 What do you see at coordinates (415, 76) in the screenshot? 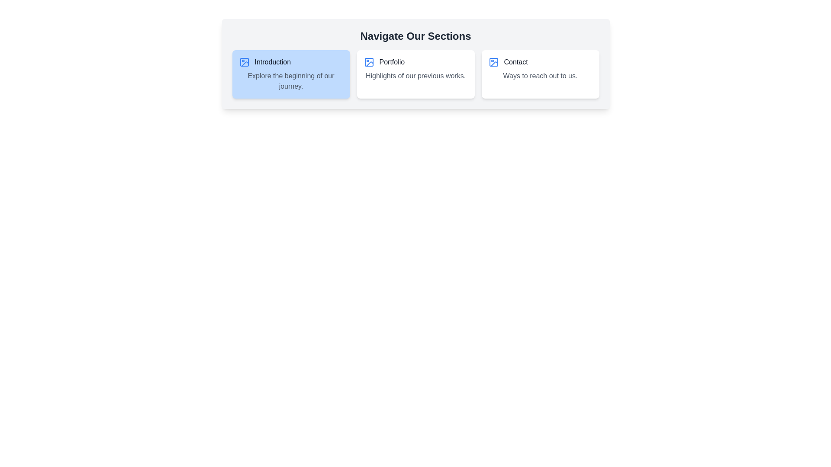
I see `text label that reads 'Highlights of our previous works,' which is located beneath the bolded title 'Portfolio.'` at bounding box center [415, 76].